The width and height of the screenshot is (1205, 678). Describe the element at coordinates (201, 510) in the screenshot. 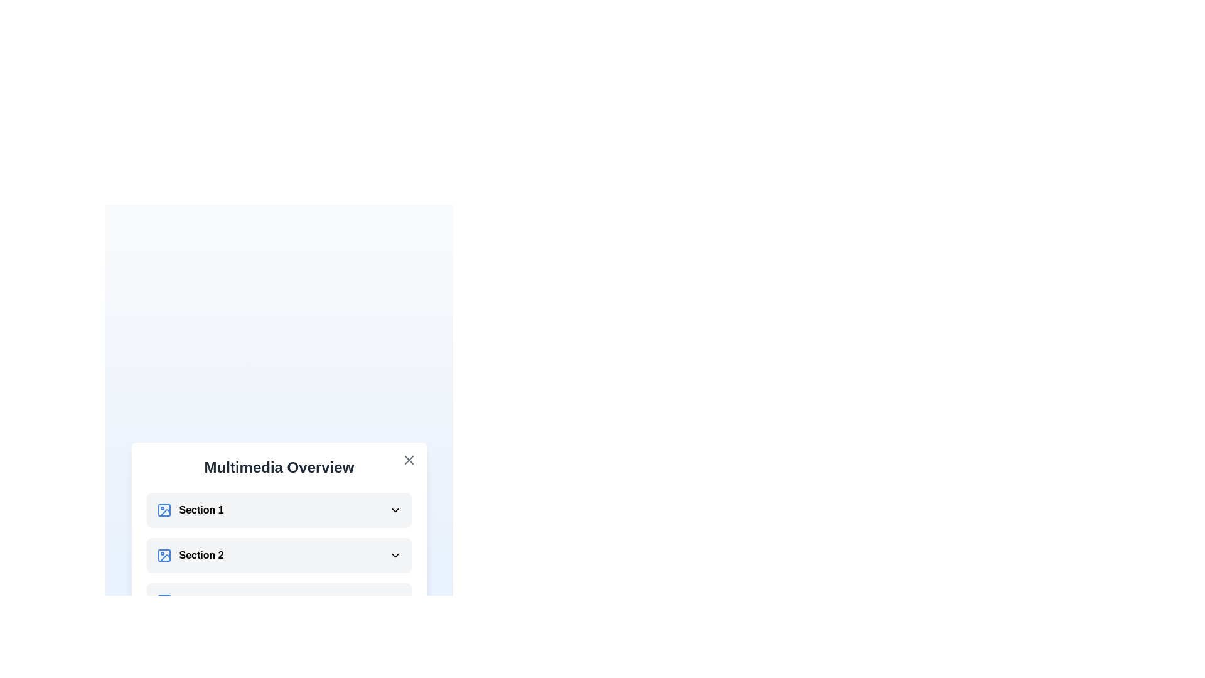

I see `text label 'Section 1' located to the right of the icon in the top segment of the vertical list within the 'Multimedia Overview' modal dialog box` at that location.